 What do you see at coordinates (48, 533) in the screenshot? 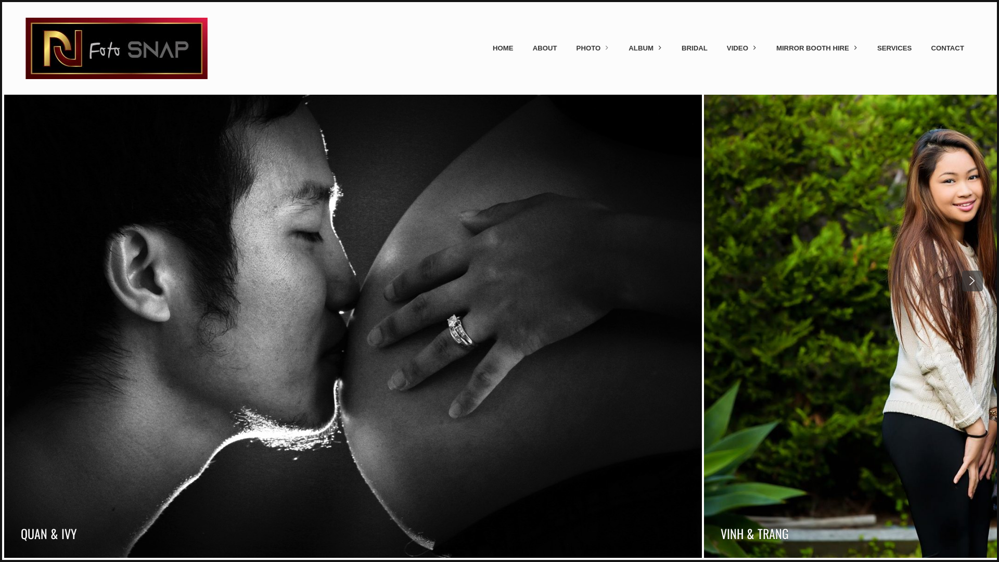
I see `'QUAN & IVY'` at bounding box center [48, 533].